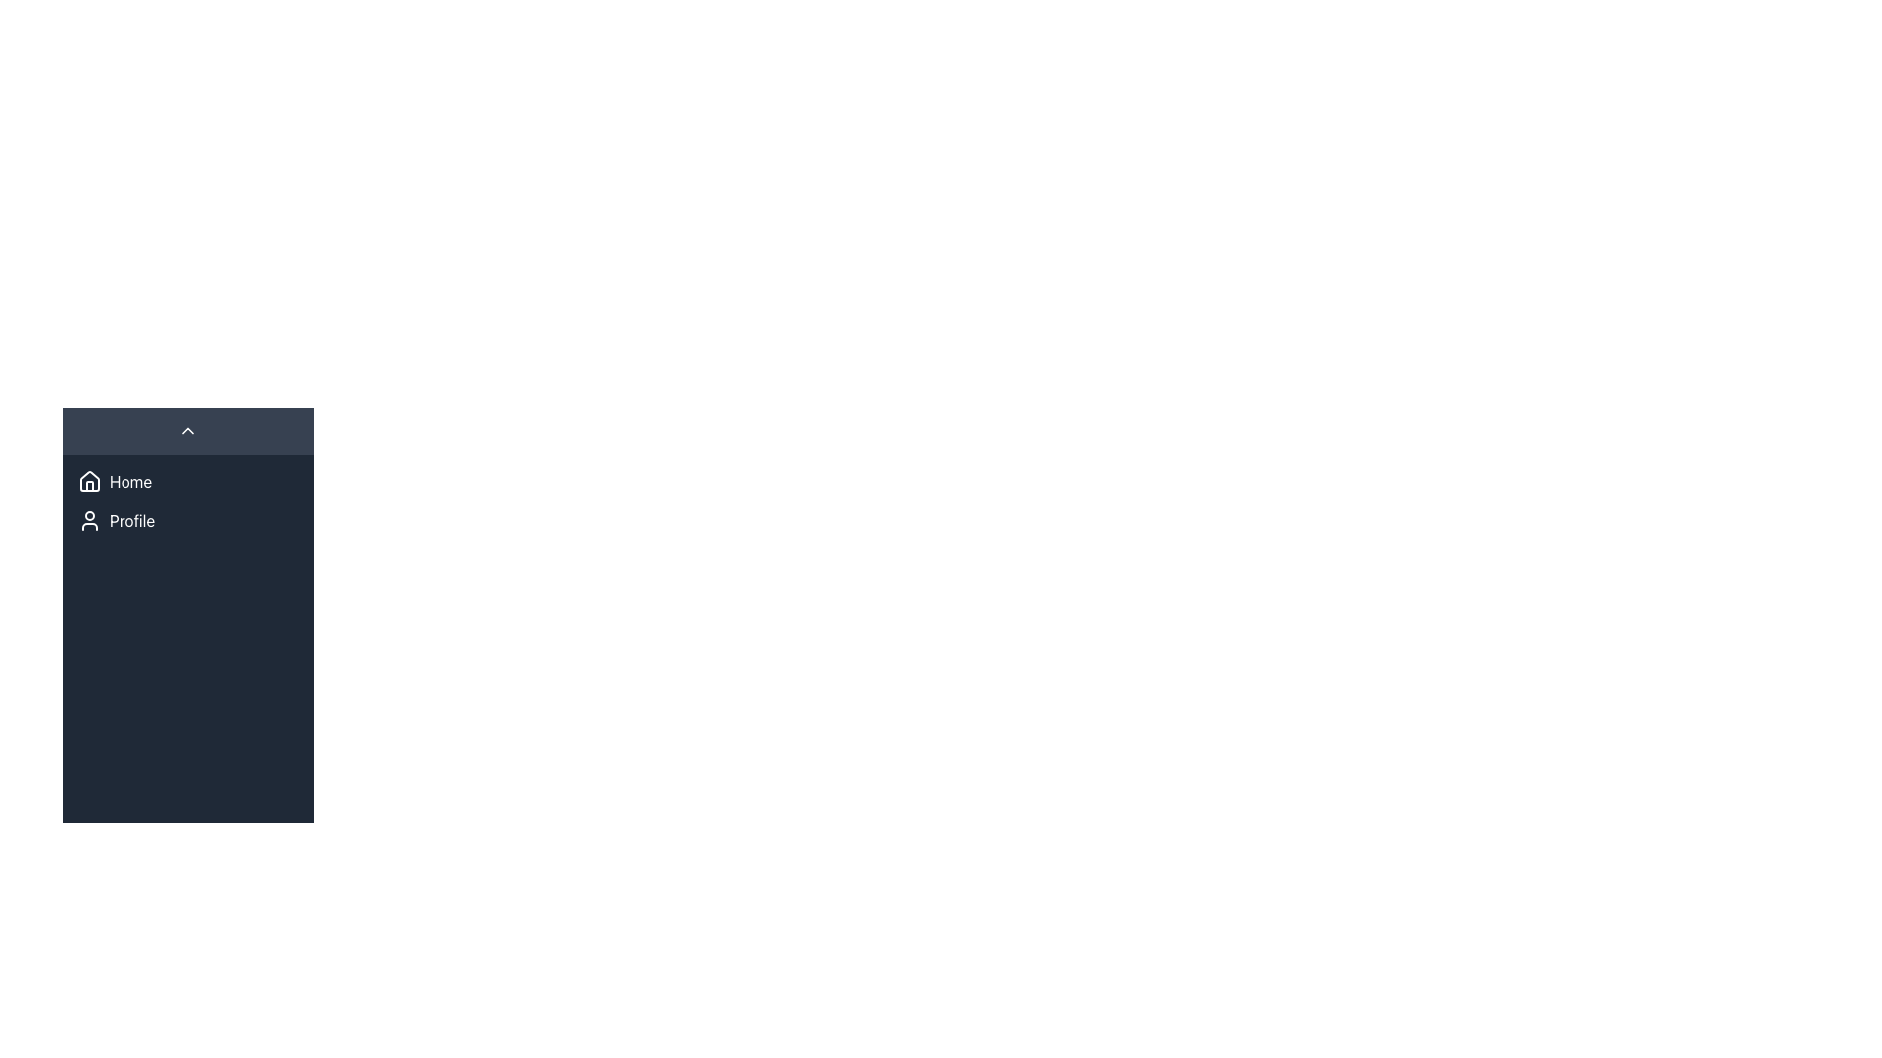 This screenshot has height=1058, width=1882. Describe the element at coordinates (88, 520) in the screenshot. I see `the outlined user icon resembling a stick figure with a circular head and shoulders, located in the vertical sidebar menu to the left of the text 'Profile'` at that location.